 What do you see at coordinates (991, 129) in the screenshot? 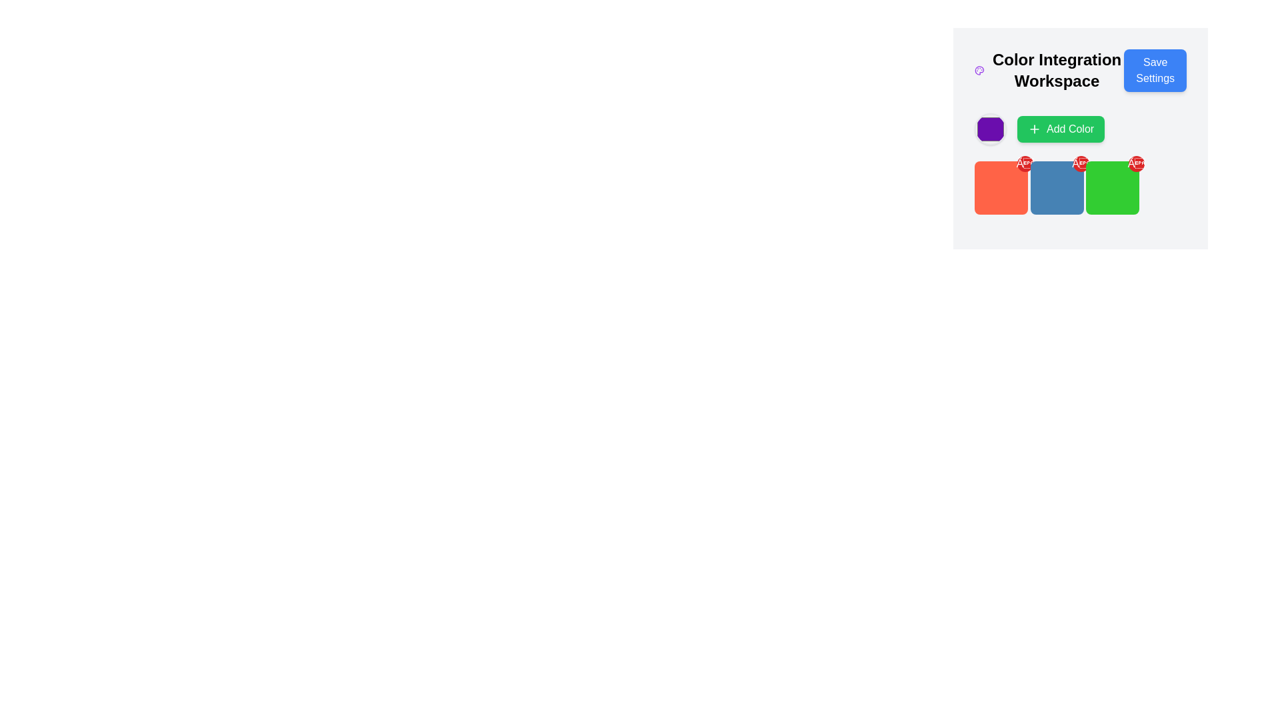
I see `the circular Color selection button filled with purple color (#6a0dad) located to the left of the 'Add Color' button` at bounding box center [991, 129].